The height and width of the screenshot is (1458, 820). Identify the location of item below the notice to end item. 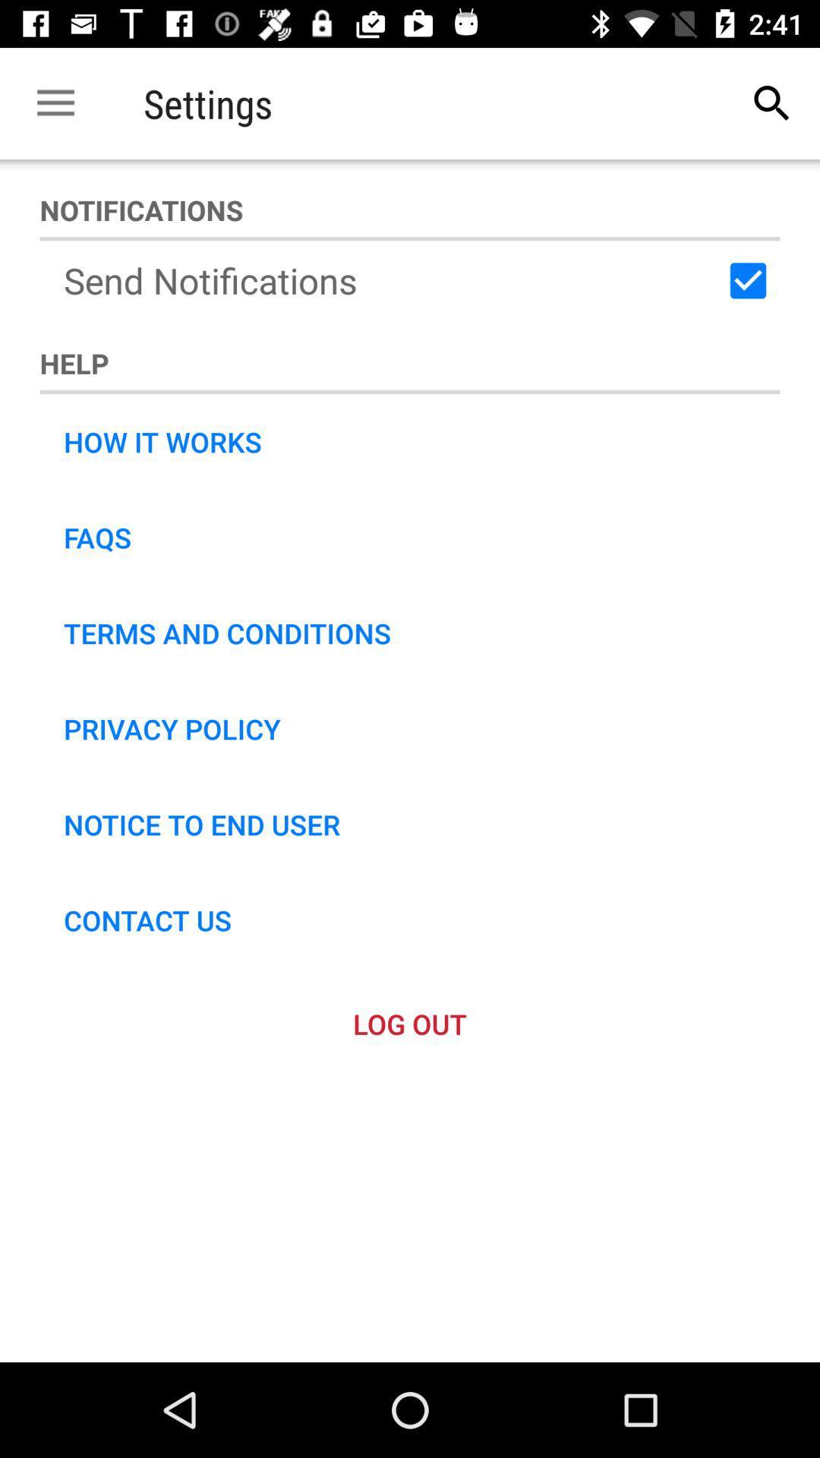
(147, 919).